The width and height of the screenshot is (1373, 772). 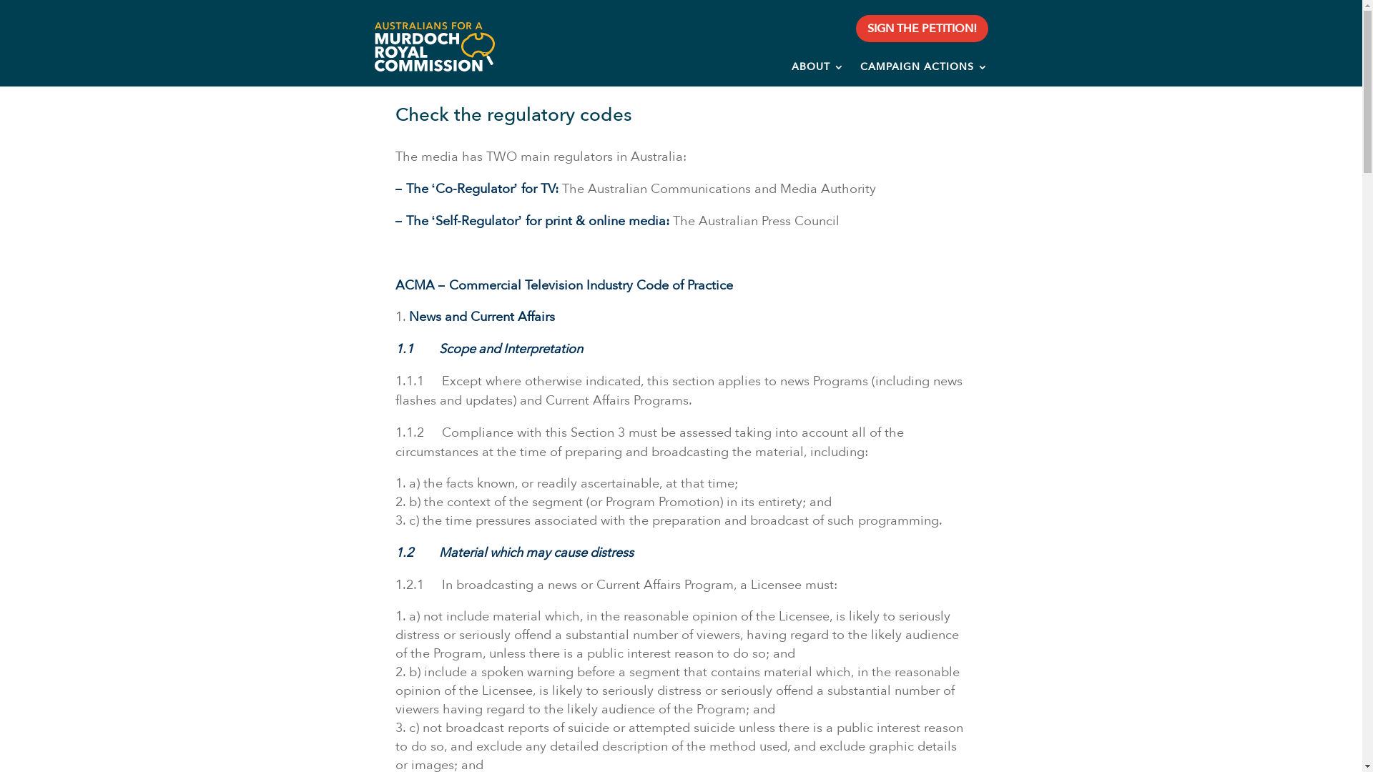 I want to click on 'CAMPAIGN ACTIONS', so click(x=924, y=69).